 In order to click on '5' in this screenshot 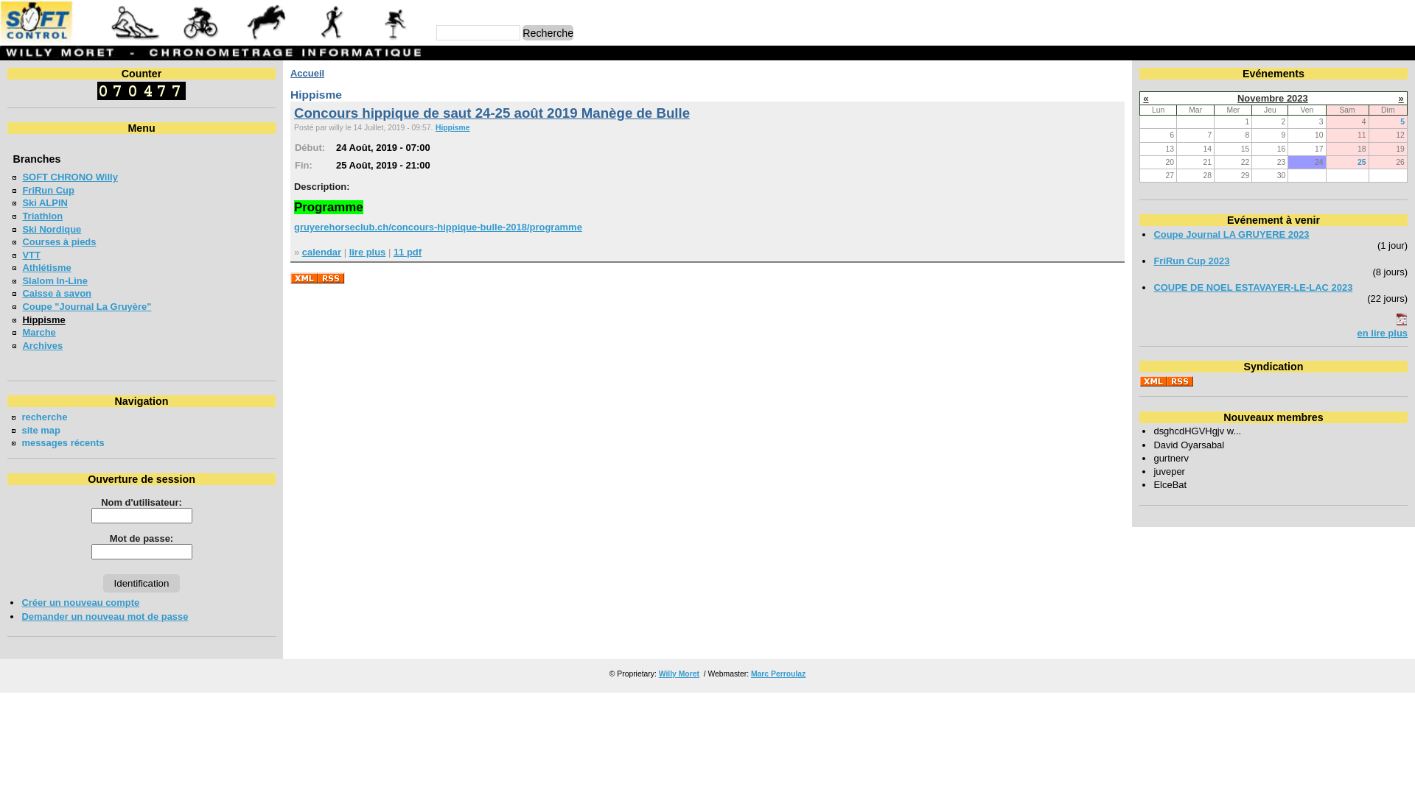, I will do `click(1401, 121)`.